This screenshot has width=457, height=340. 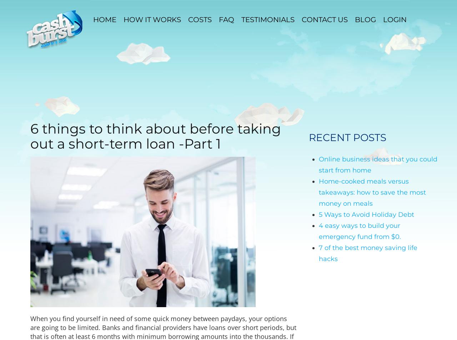 I want to click on 'Online business ideas that you could start from home', so click(x=377, y=164).